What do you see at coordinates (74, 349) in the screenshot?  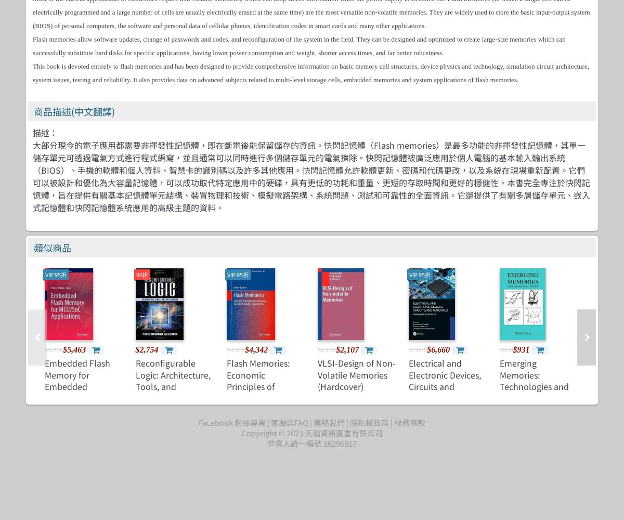 I see `'$5,463'` at bounding box center [74, 349].